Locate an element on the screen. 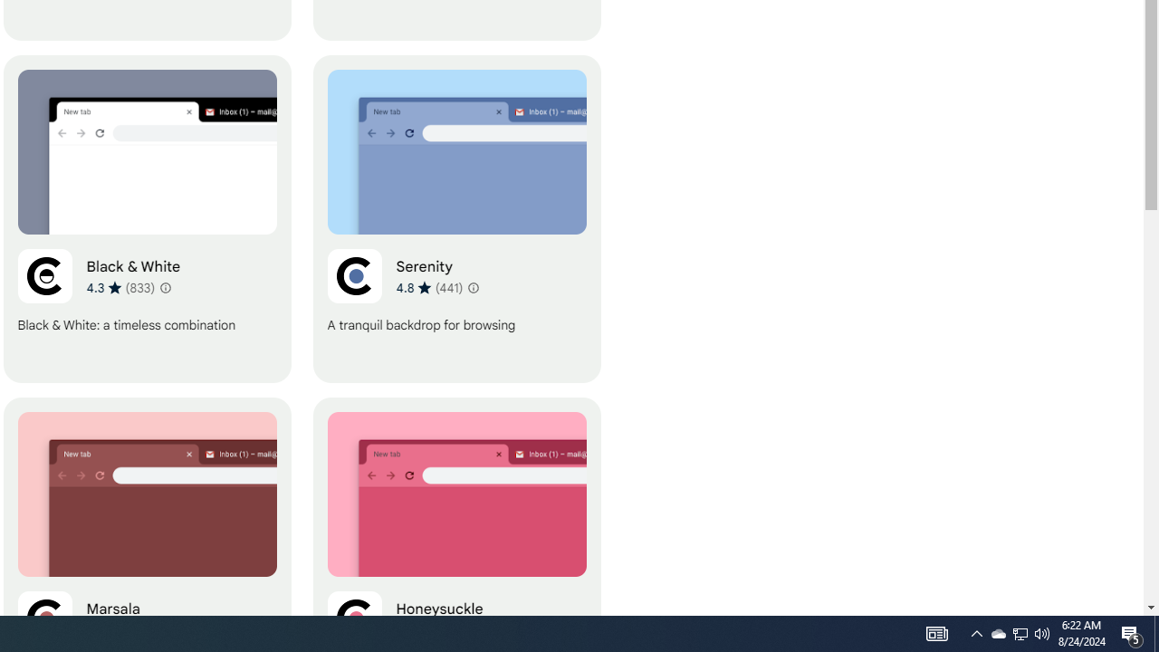 The image size is (1159, 652). 'Learn more about results and reviews "Serenity"' is located at coordinates (473, 286).